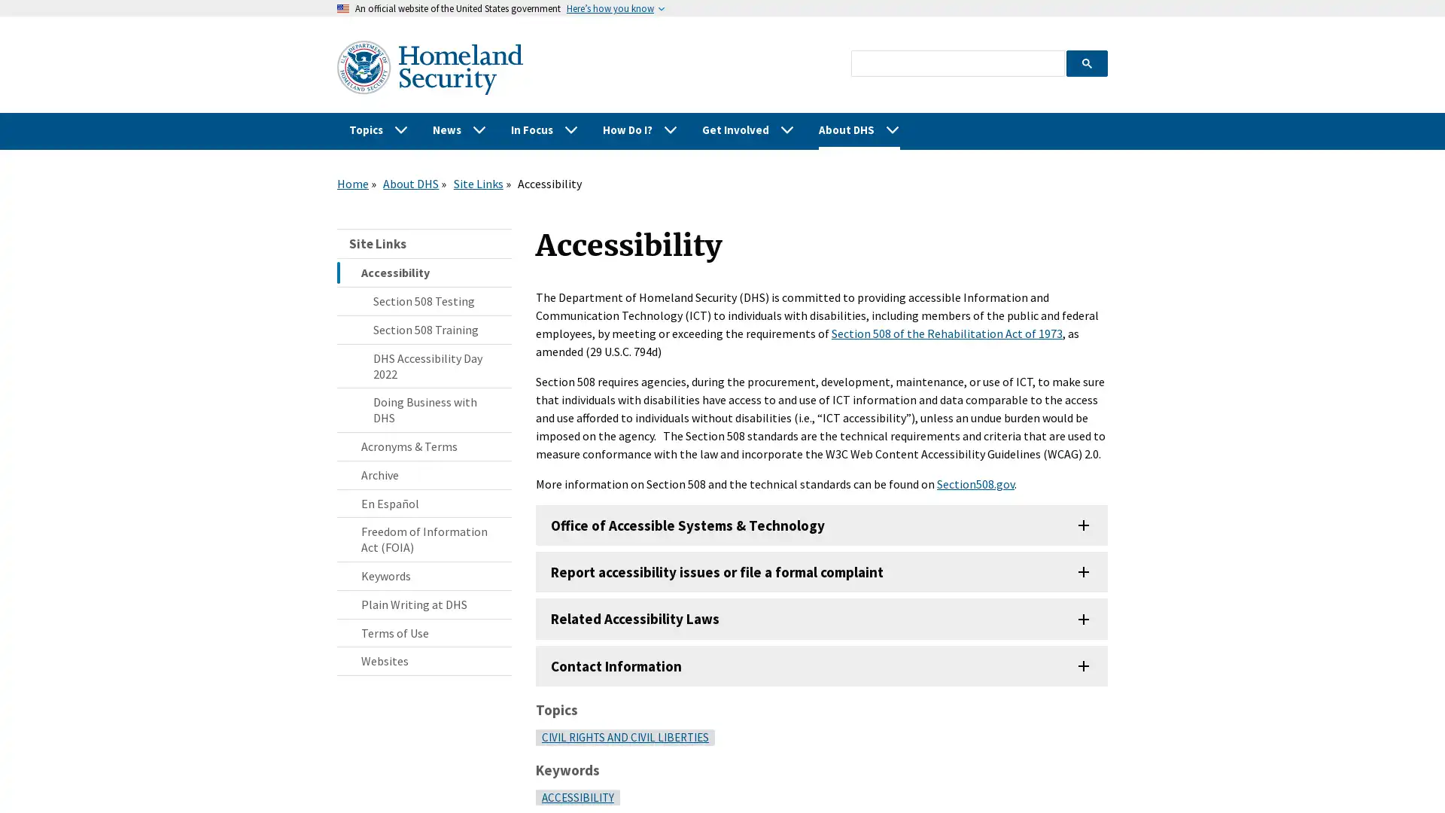 Image resolution: width=1445 pixels, height=813 pixels. Describe the element at coordinates (379, 129) in the screenshot. I see `Topics` at that location.